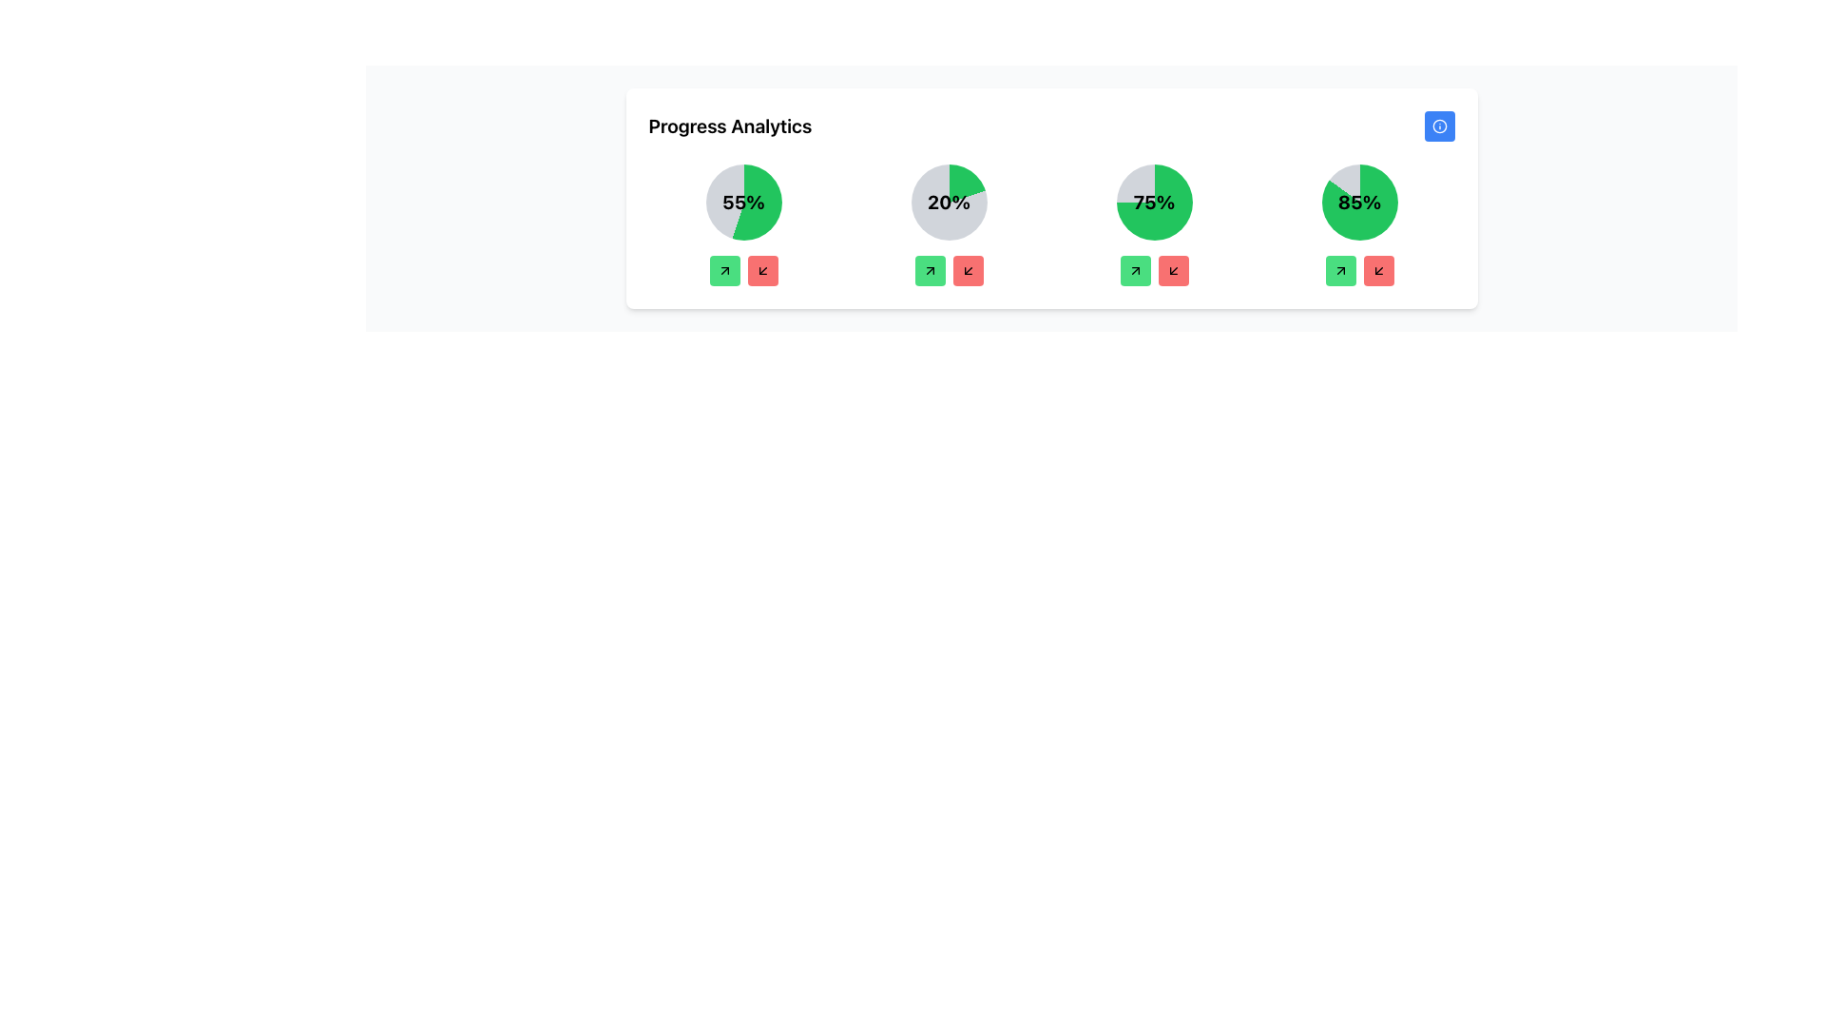 The height and width of the screenshot is (1027, 1825). Describe the element at coordinates (1153, 202) in the screenshot. I see `the value displayed within the circular progress indicator showing 75% completion, which is positioned between the 20% and 85% indicators` at that location.